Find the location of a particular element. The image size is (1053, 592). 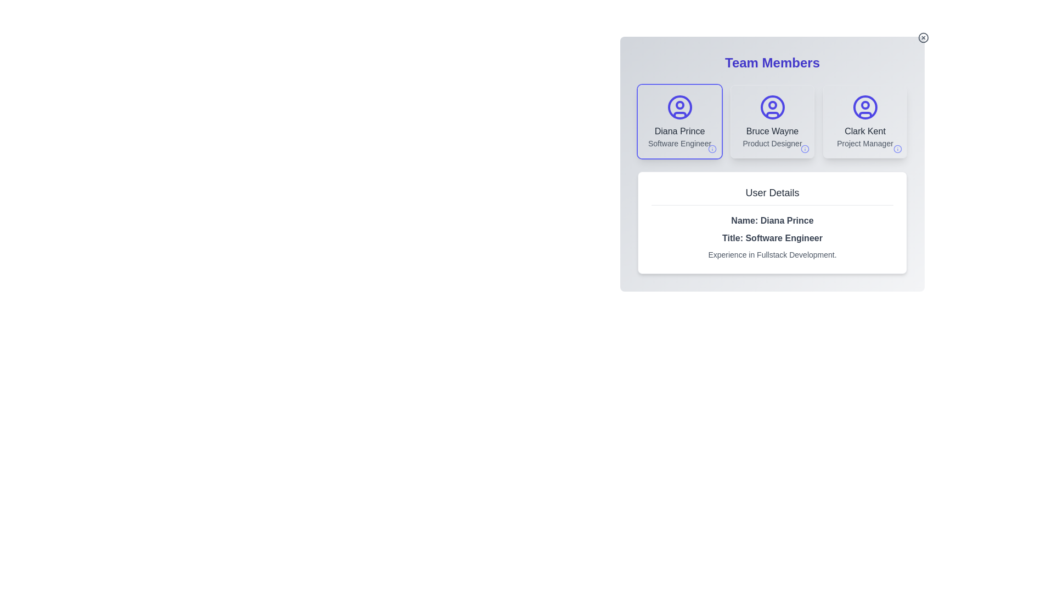

the third card in the 'Team Members' section, which features an indigo user icon, bold text 'Clark Kent', and subtext 'Project Manager' is located at coordinates (864, 122).